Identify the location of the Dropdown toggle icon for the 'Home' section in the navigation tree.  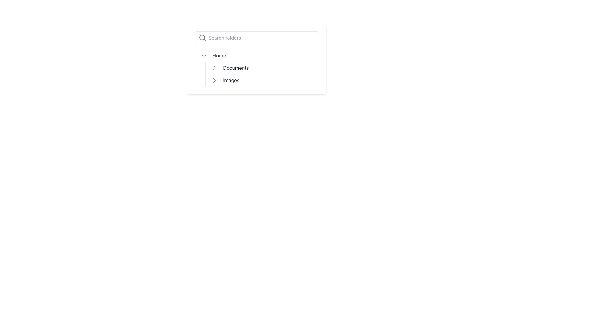
(204, 55).